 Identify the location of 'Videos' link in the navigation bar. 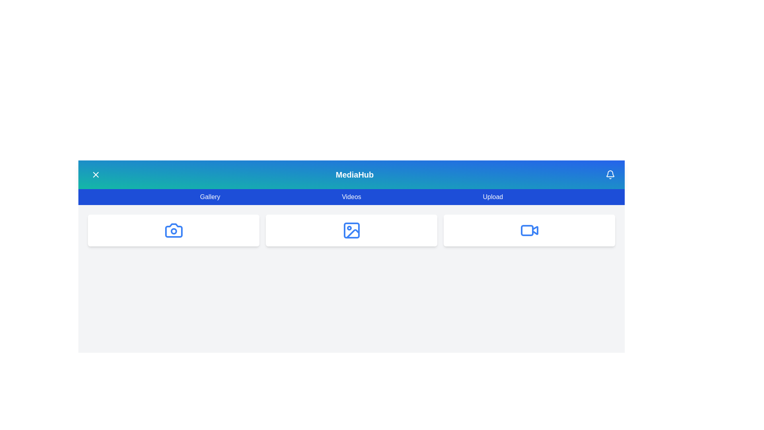
(351, 197).